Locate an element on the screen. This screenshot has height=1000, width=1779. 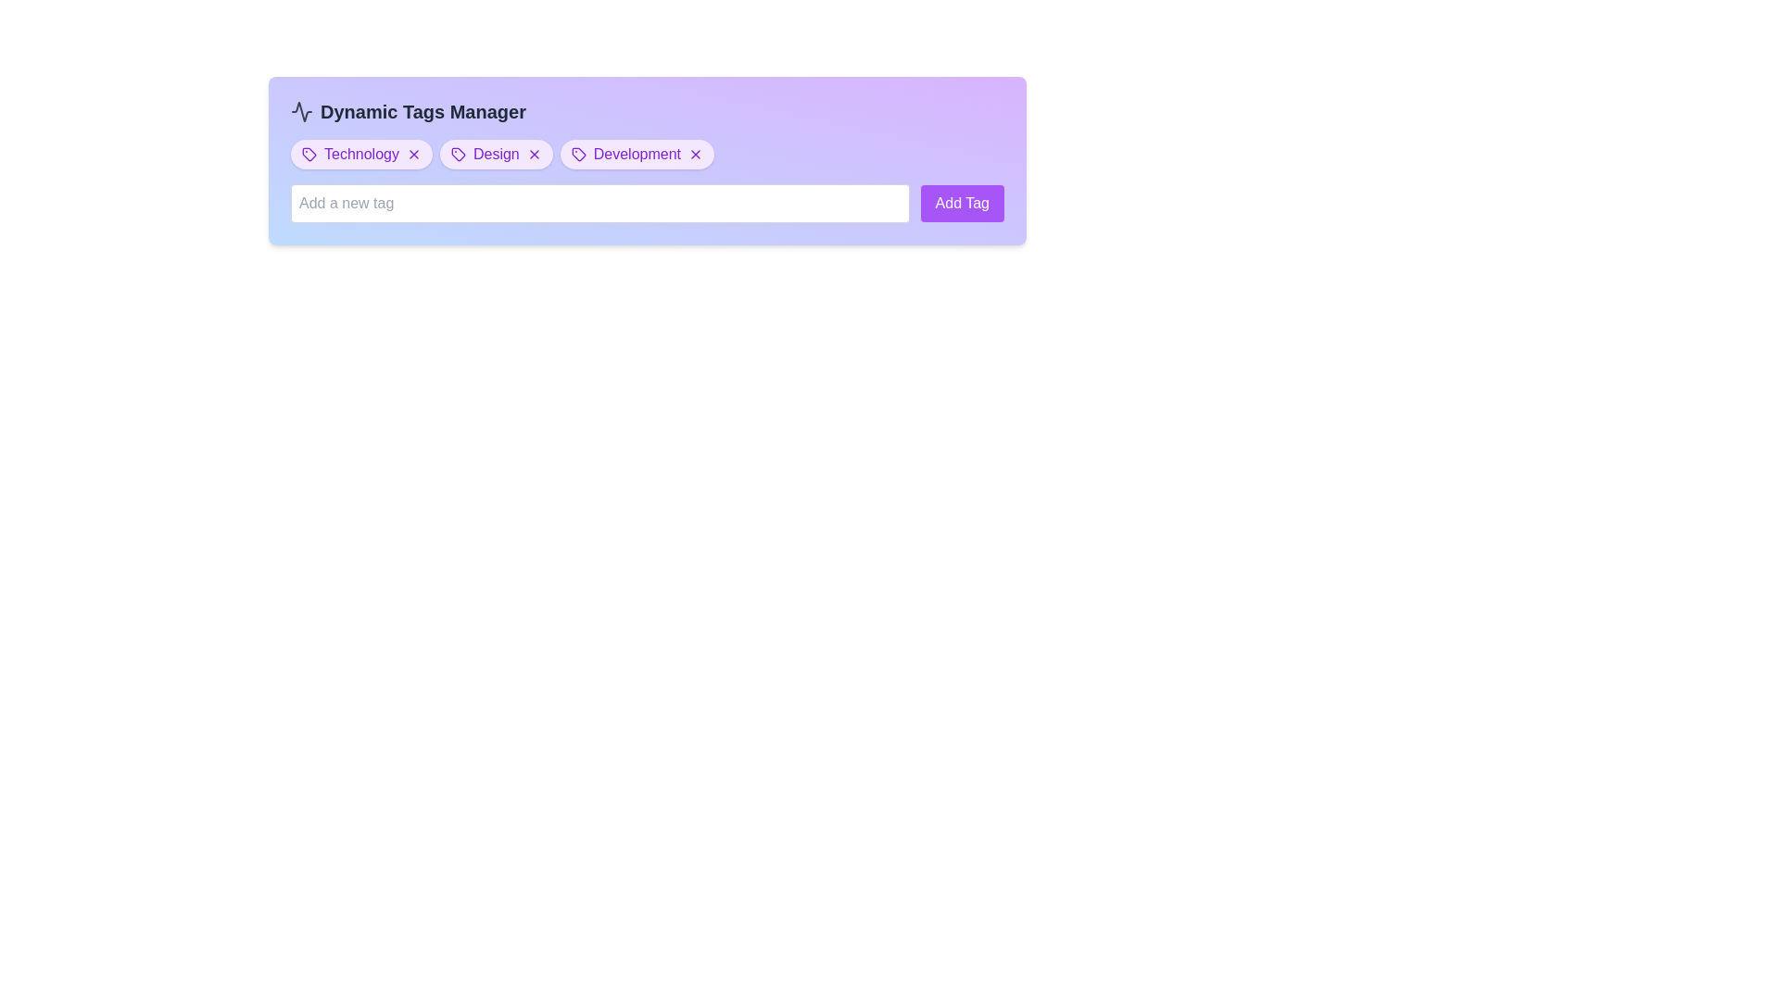
the small purple tag icon located to the left of the 'Development' text, which is the third tag in a horizontal grouping of tags is located at coordinates (577, 153).